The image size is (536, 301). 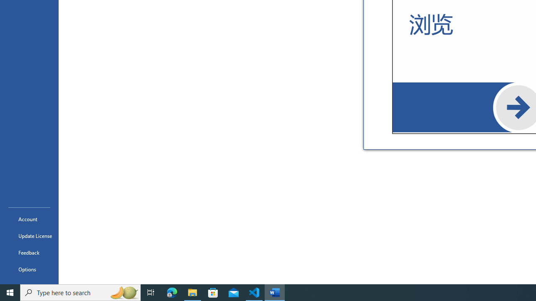 I want to click on 'Account', so click(x=29, y=219).